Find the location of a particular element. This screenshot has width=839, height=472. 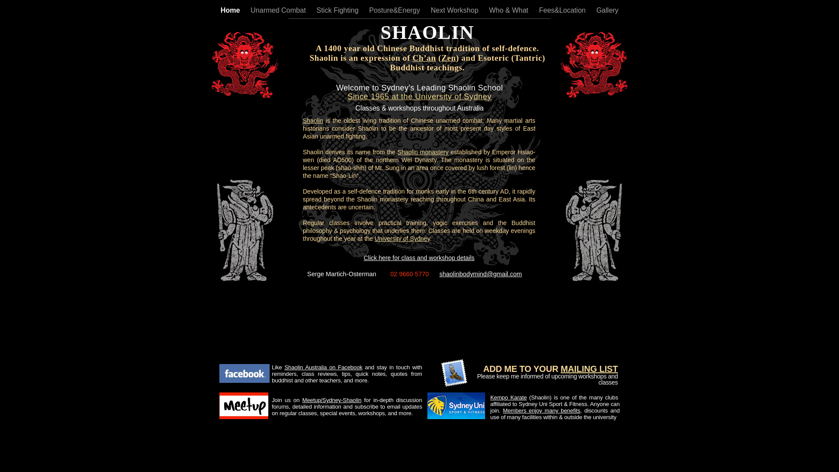

'shaolinbodymind@gmail.com' is located at coordinates (480, 274).